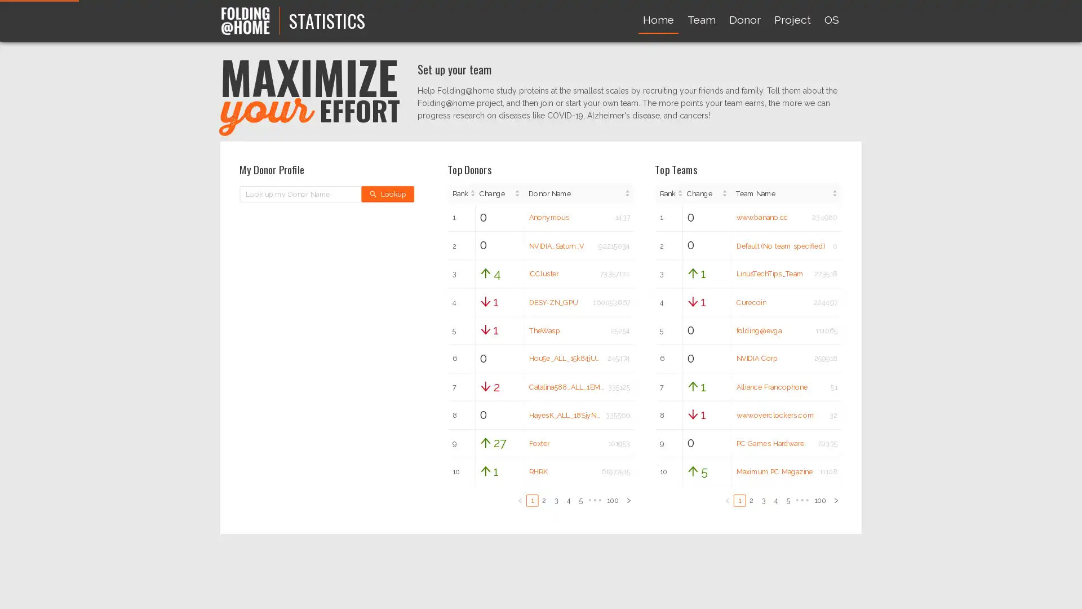 The width and height of the screenshot is (1082, 609). I want to click on search Lookup, so click(387, 193).